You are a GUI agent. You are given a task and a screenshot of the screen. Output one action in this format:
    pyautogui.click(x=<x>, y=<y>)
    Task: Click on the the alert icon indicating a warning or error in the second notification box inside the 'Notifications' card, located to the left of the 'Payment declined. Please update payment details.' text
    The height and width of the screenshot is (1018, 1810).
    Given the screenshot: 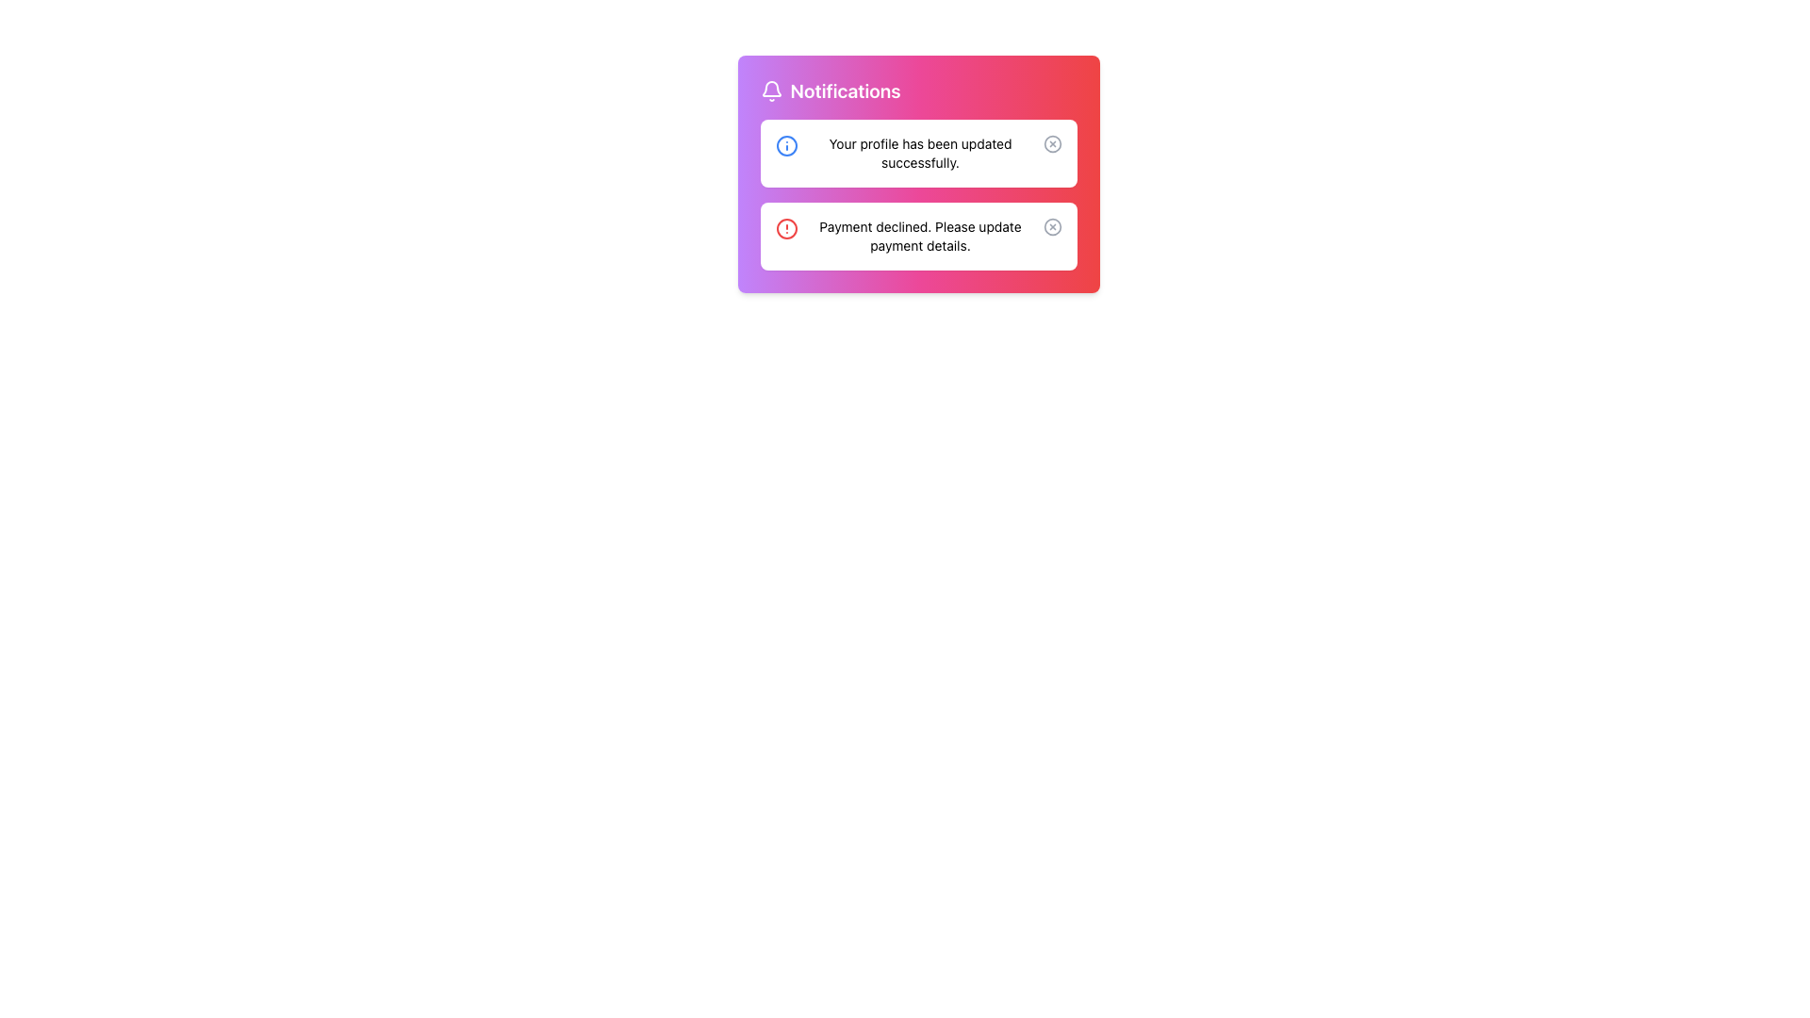 What is the action you would take?
    pyautogui.click(x=786, y=228)
    